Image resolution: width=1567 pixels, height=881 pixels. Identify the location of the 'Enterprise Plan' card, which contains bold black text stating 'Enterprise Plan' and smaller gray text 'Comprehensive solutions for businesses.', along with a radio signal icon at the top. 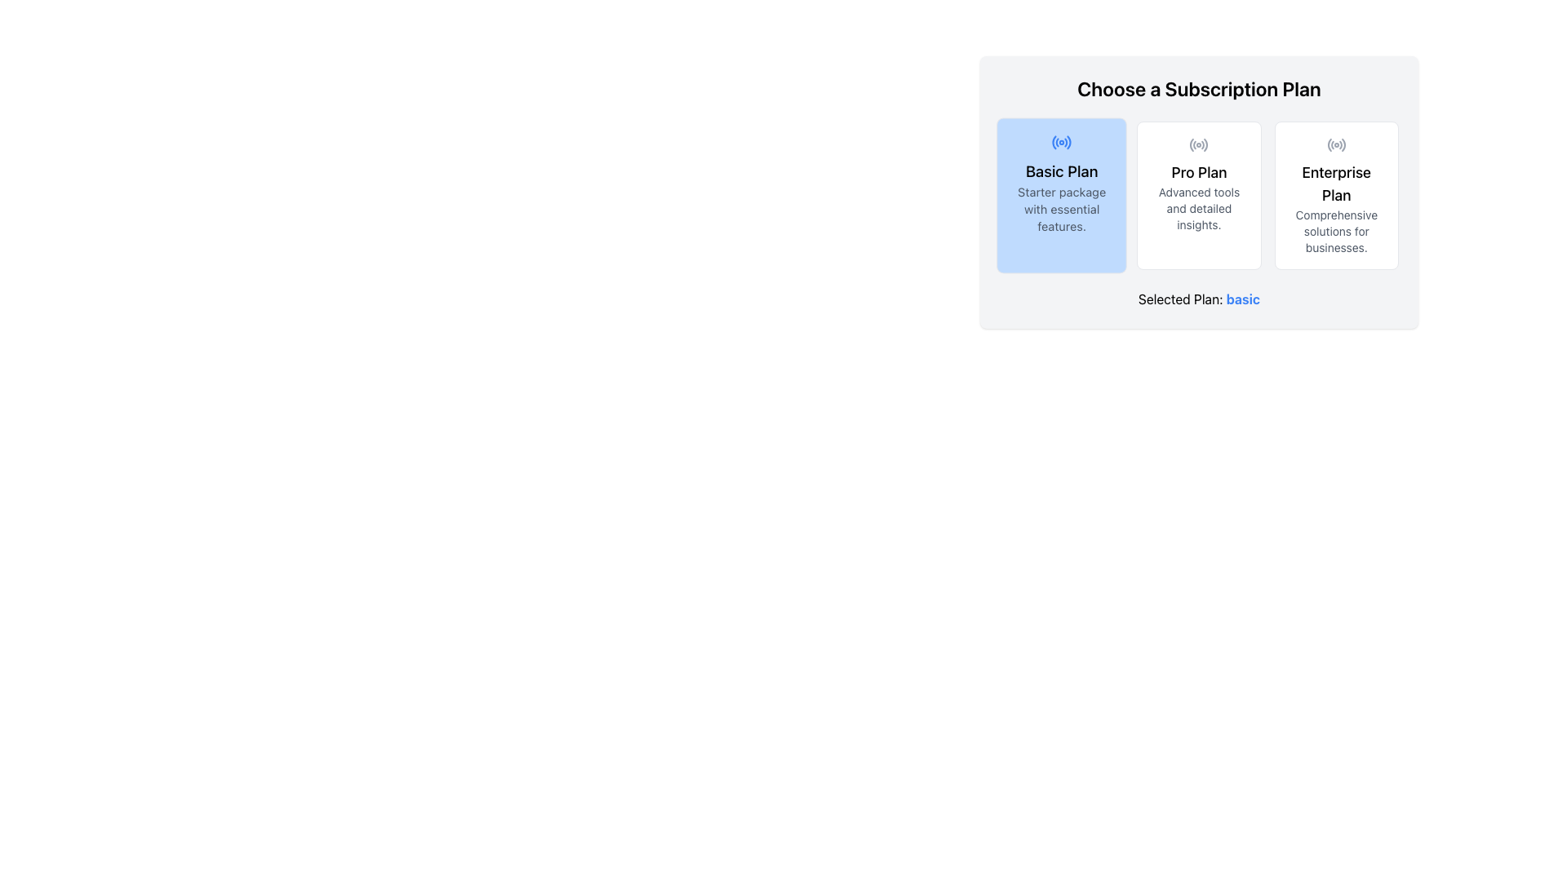
(1336, 194).